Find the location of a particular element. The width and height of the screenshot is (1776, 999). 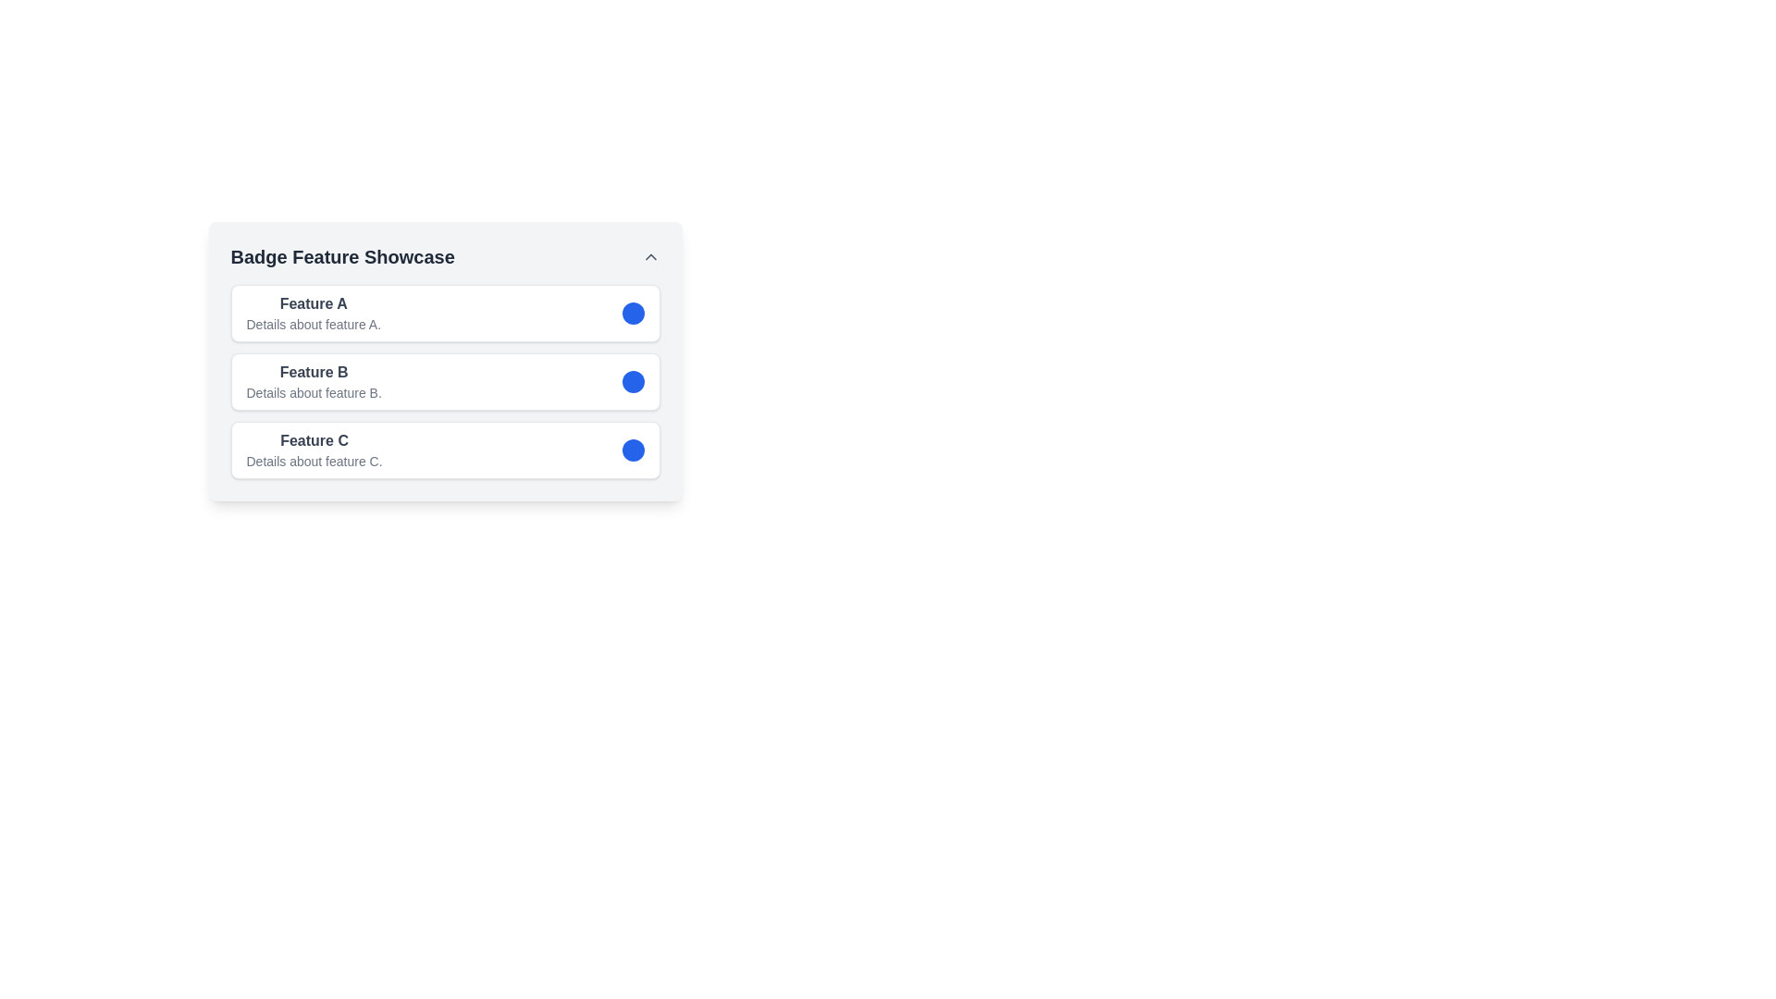

the 'Badge Feature Showcase' dropdown header is located at coordinates (445, 256).